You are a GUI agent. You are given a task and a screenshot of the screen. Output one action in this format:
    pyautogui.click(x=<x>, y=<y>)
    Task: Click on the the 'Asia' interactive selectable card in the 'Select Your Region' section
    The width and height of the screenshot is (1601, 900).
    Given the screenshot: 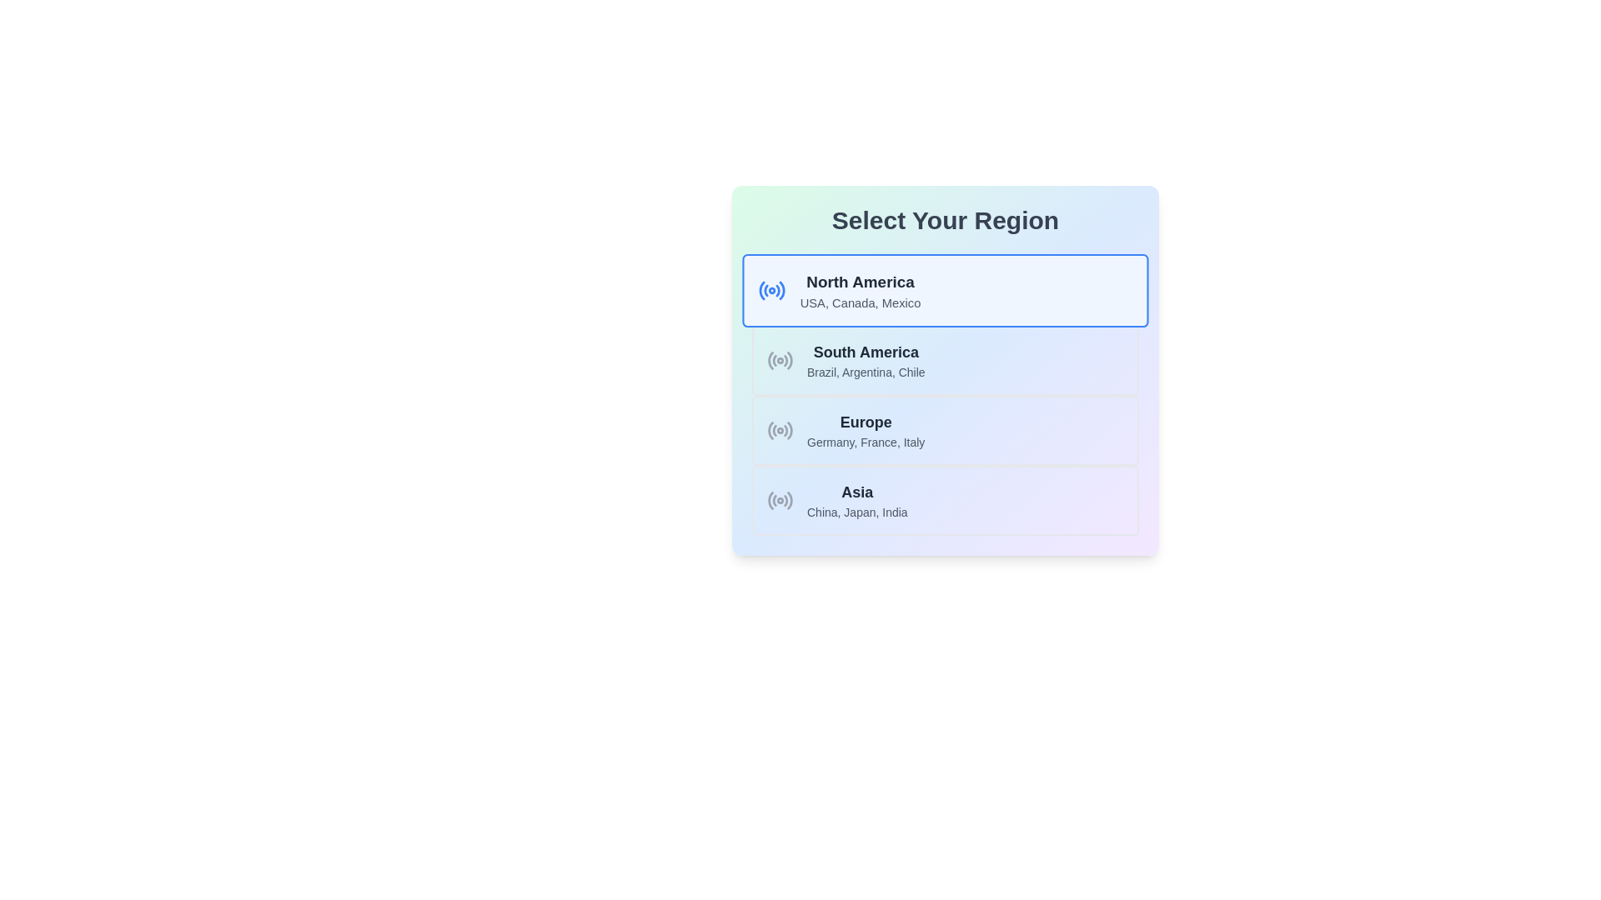 What is the action you would take?
    pyautogui.click(x=945, y=500)
    